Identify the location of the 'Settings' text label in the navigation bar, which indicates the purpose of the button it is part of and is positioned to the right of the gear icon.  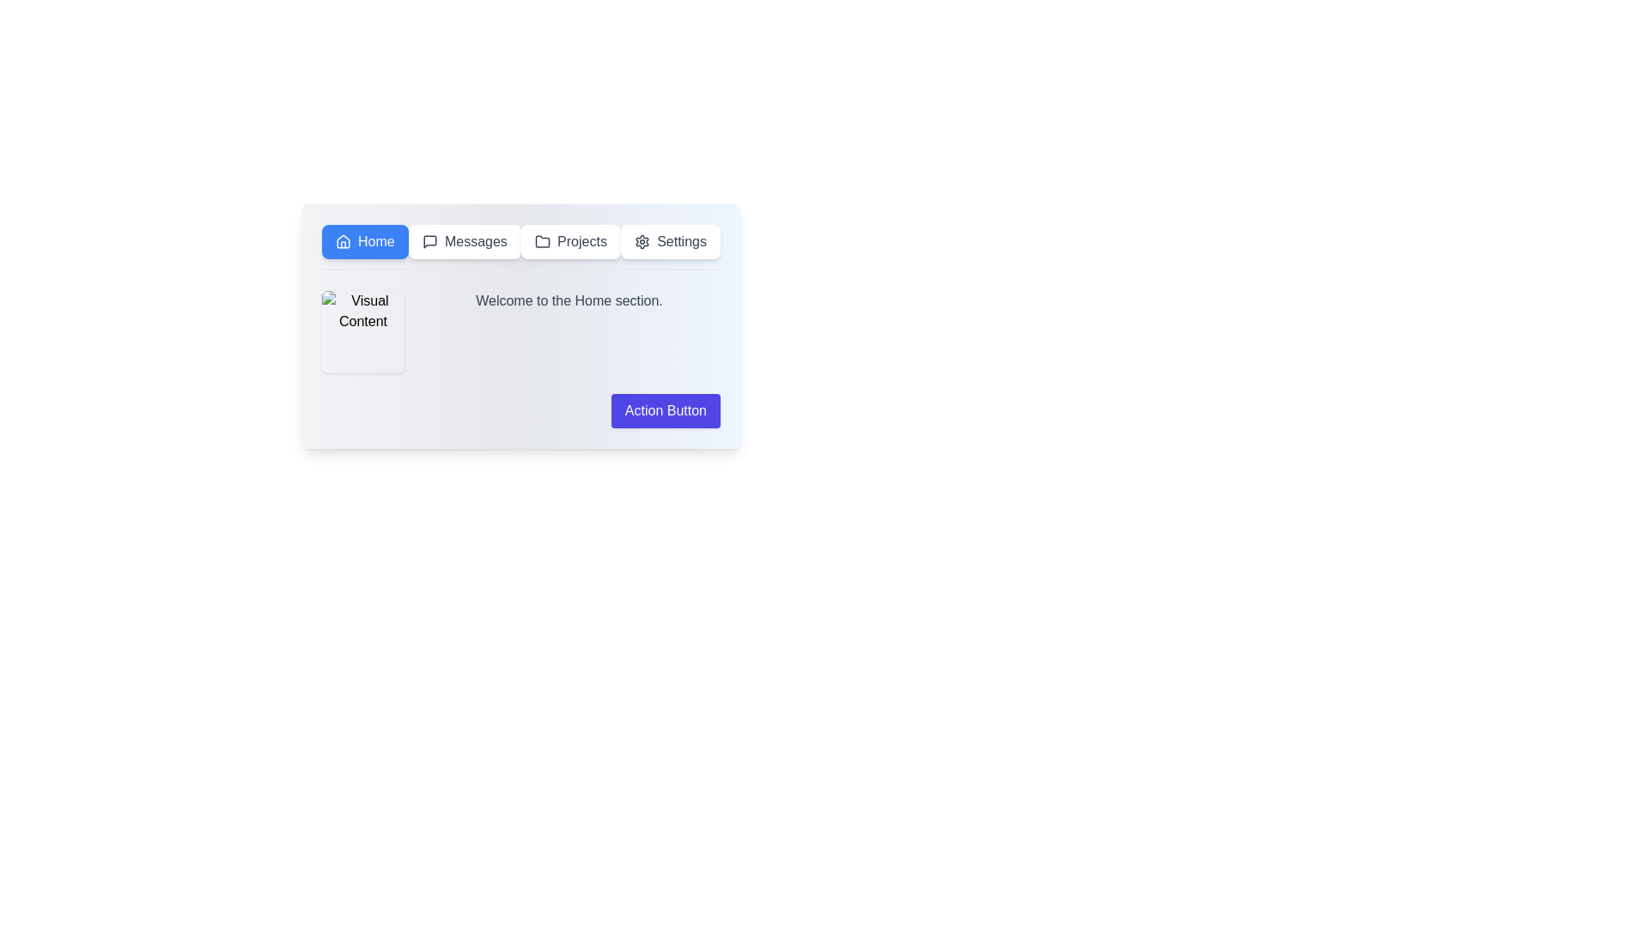
(681, 241).